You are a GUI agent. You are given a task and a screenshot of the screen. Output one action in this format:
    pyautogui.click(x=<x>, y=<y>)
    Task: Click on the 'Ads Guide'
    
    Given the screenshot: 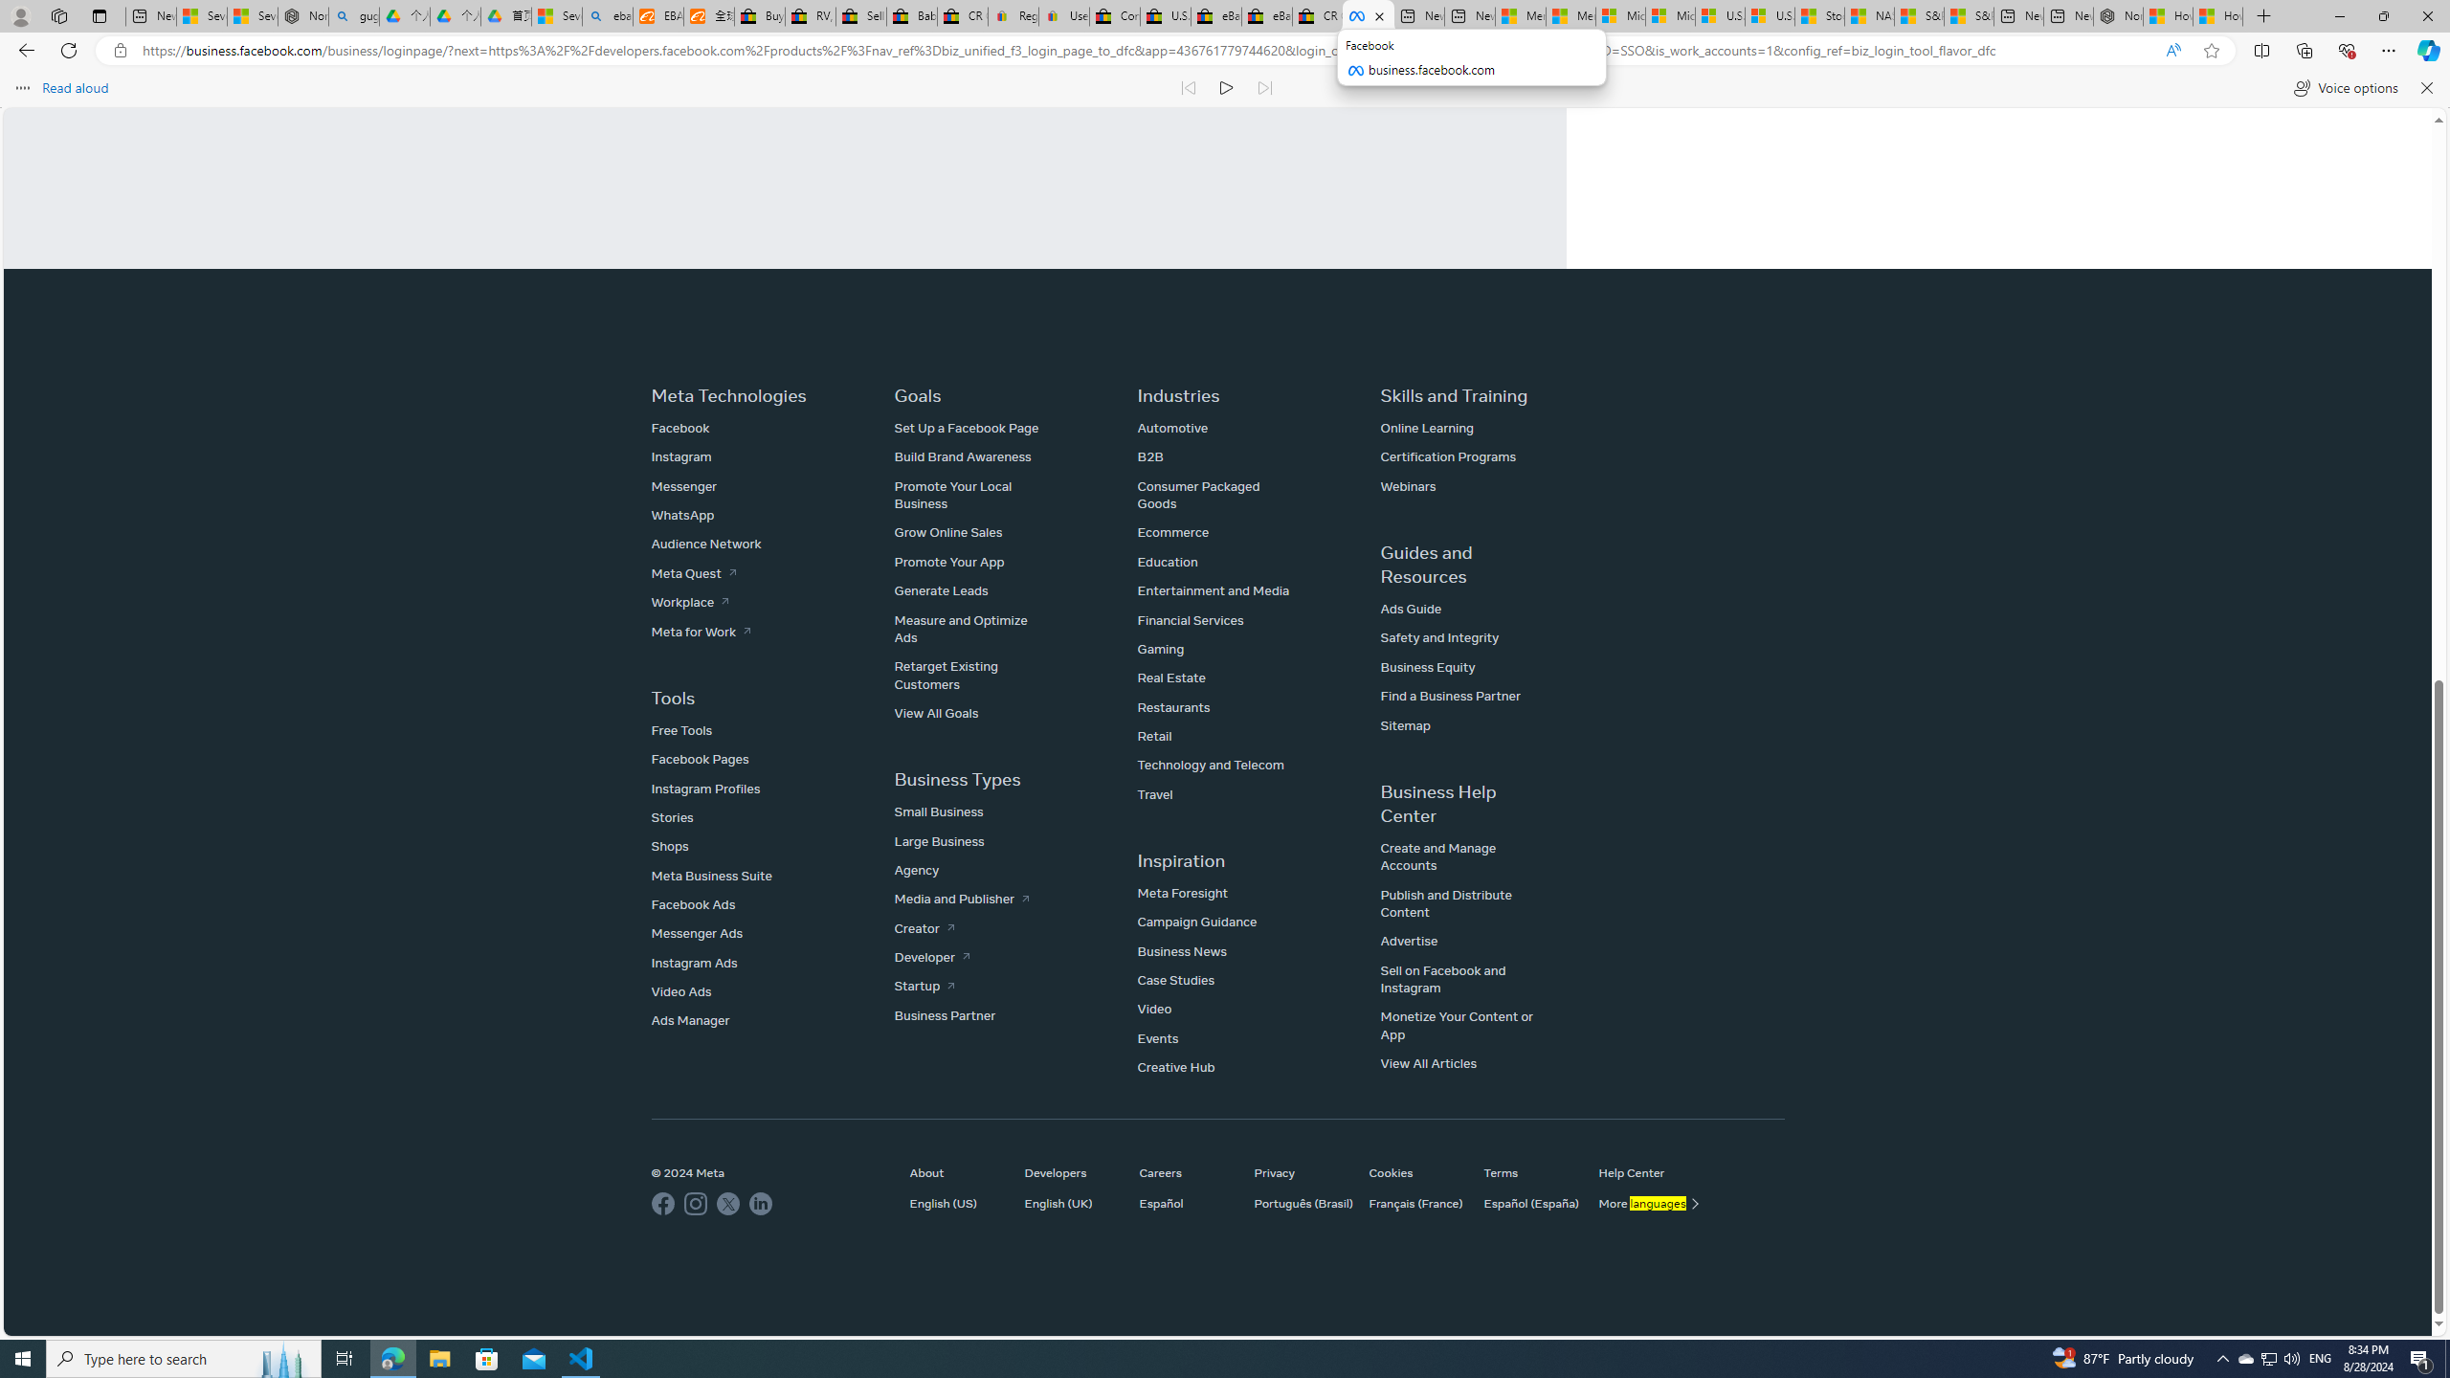 What is the action you would take?
    pyautogui.click(x=1410, y=608)
    